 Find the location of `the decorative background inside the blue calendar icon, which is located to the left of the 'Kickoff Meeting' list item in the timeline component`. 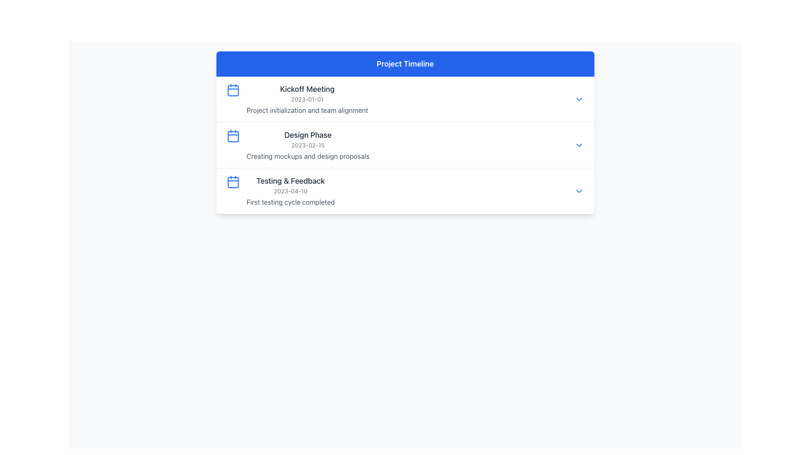

the decorative background inside the blue calendar icon, which is located to the left of the 'Kickoff Meeting' list item in the timeline component is located at coordinates (233, 91).